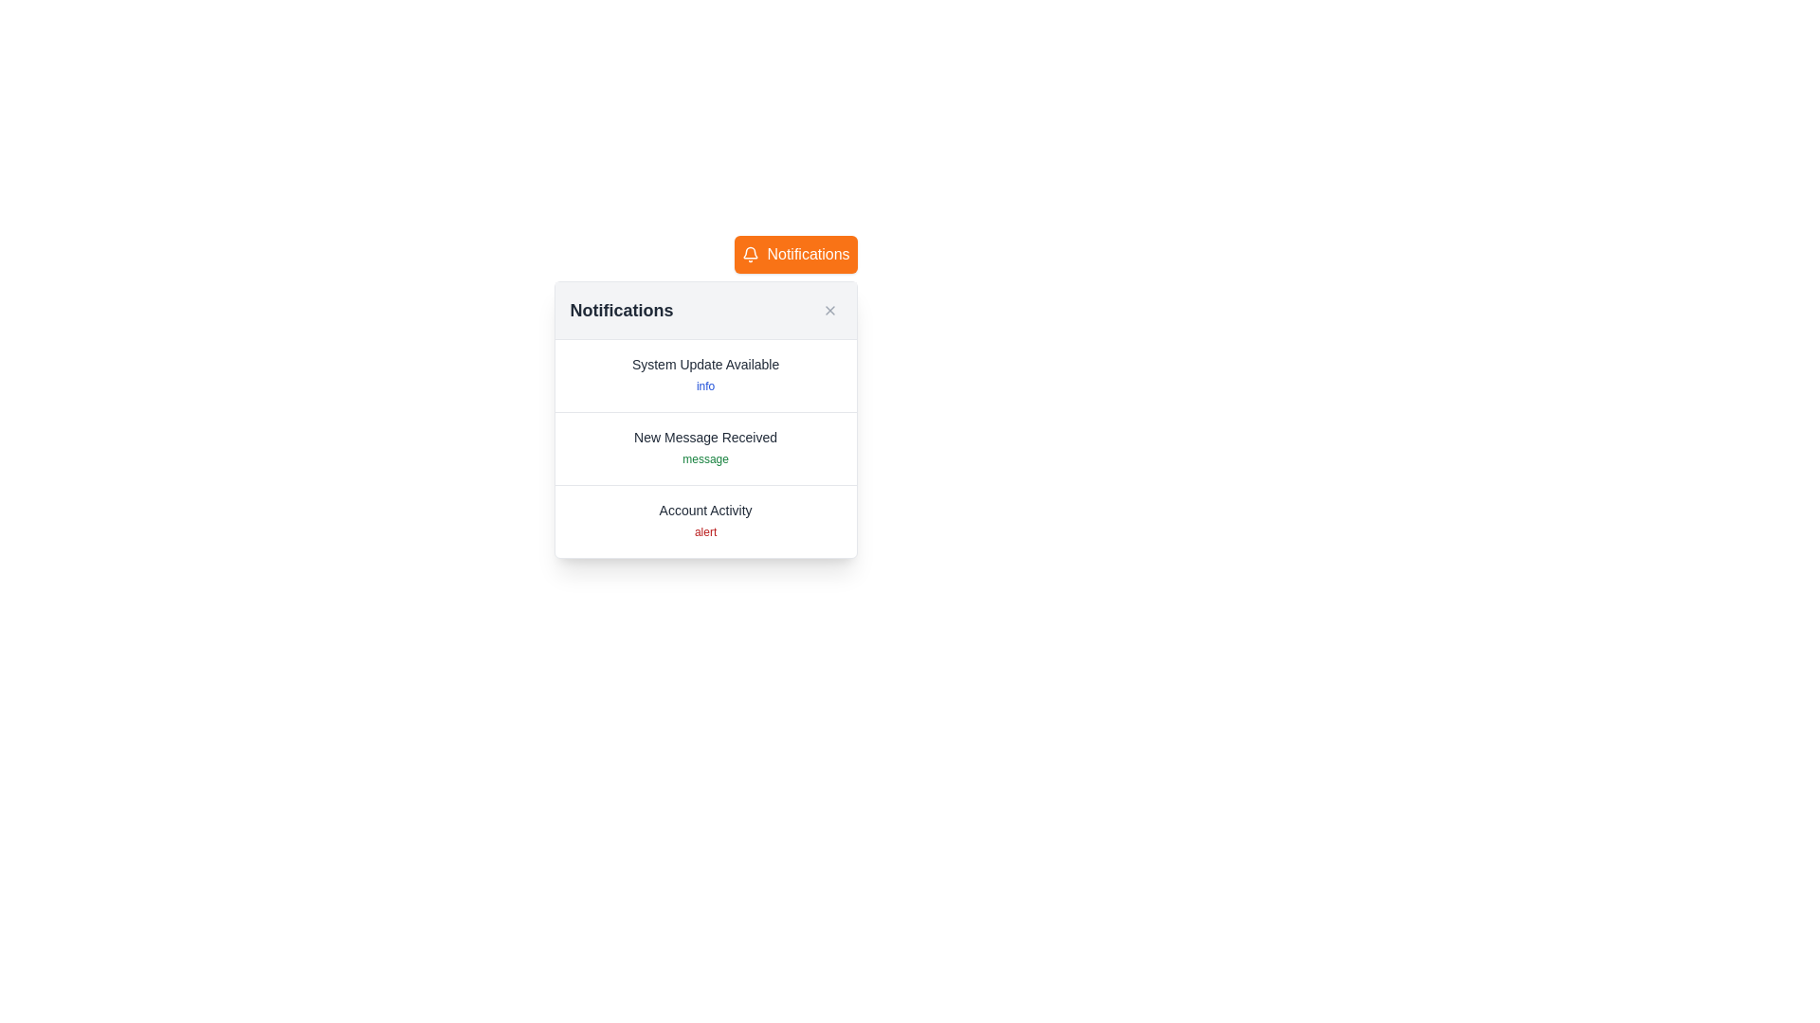 The width and height of the screenshot is (1820, 1023). Describe the element at coordinates (829, 309) in the screenshot. I see `the compact button with an 'X' symbol located in the top-right corner of the notification panel` at that location.